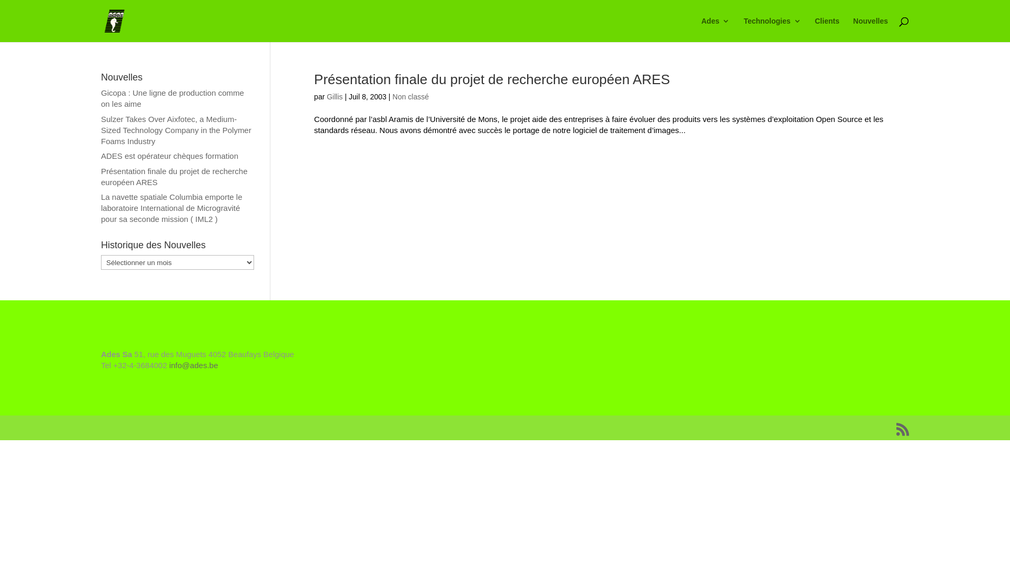 Image resolution: width=1010 pixels, height=568 pixels. Describe the element at coordinates (772, 29) in the screenshot. I see `'Technologies'` at that location.